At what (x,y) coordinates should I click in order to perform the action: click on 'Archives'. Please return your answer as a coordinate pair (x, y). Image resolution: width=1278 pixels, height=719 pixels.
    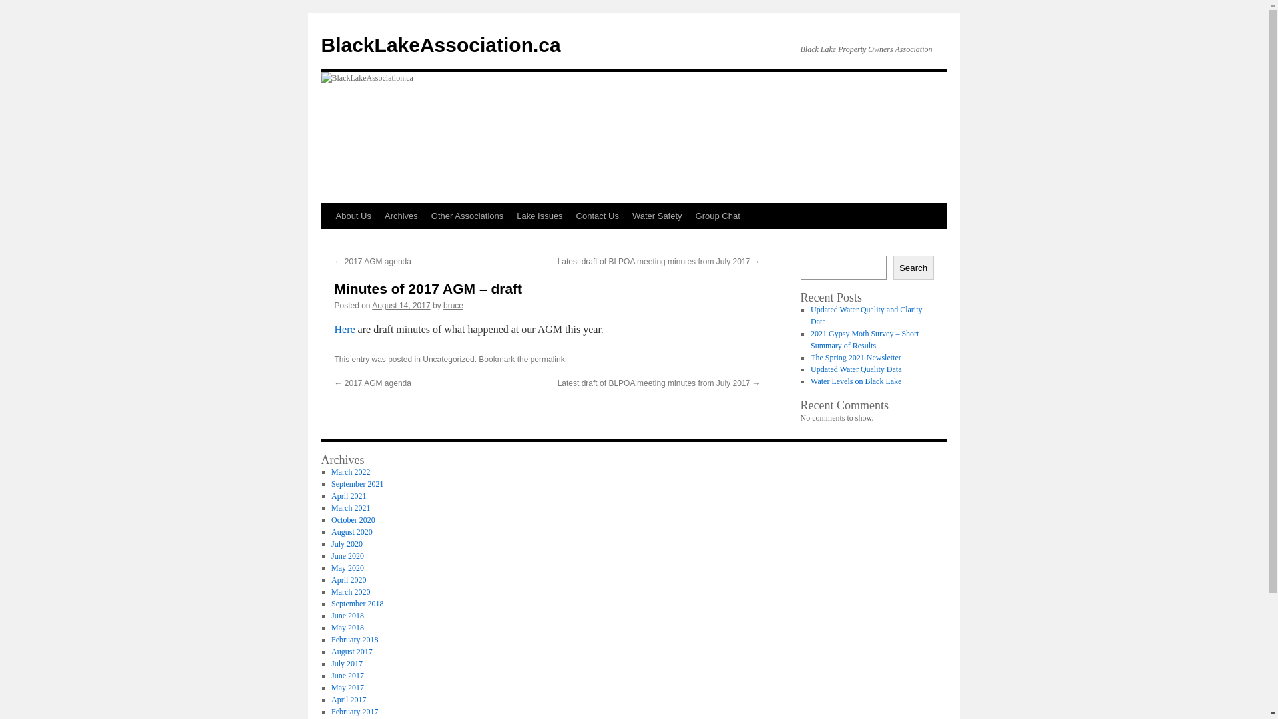
    Looking at the image, I should click on (401, 215).